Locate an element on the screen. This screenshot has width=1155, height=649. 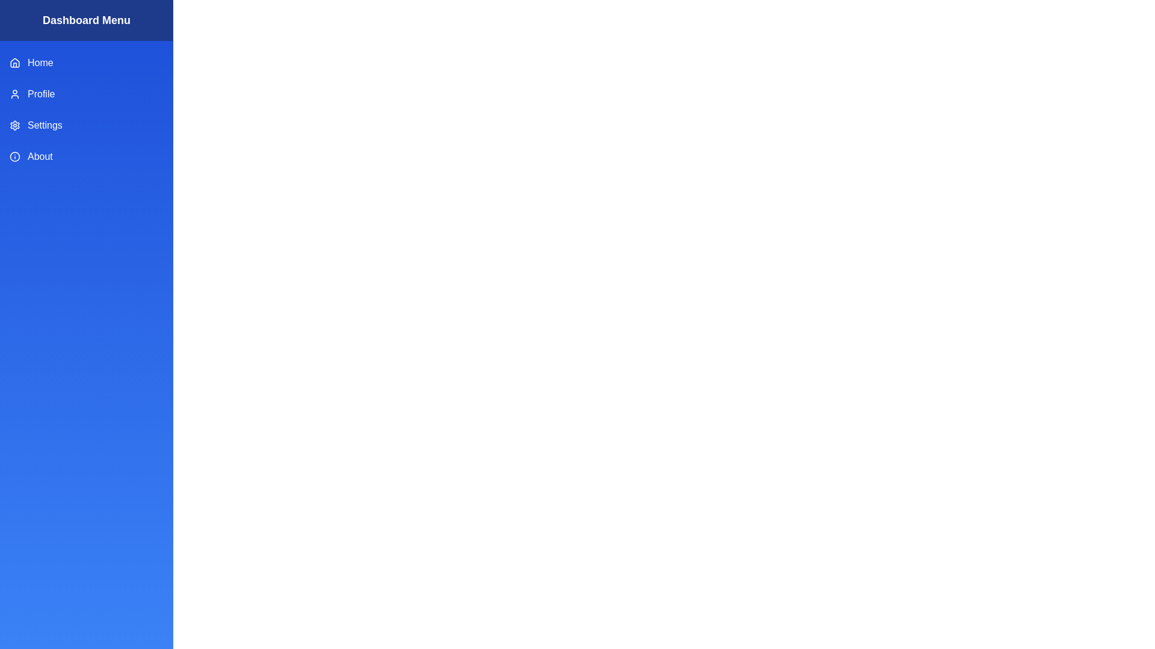
toggle button to change the visibility of the drawer is located at coordinates (23, 23).